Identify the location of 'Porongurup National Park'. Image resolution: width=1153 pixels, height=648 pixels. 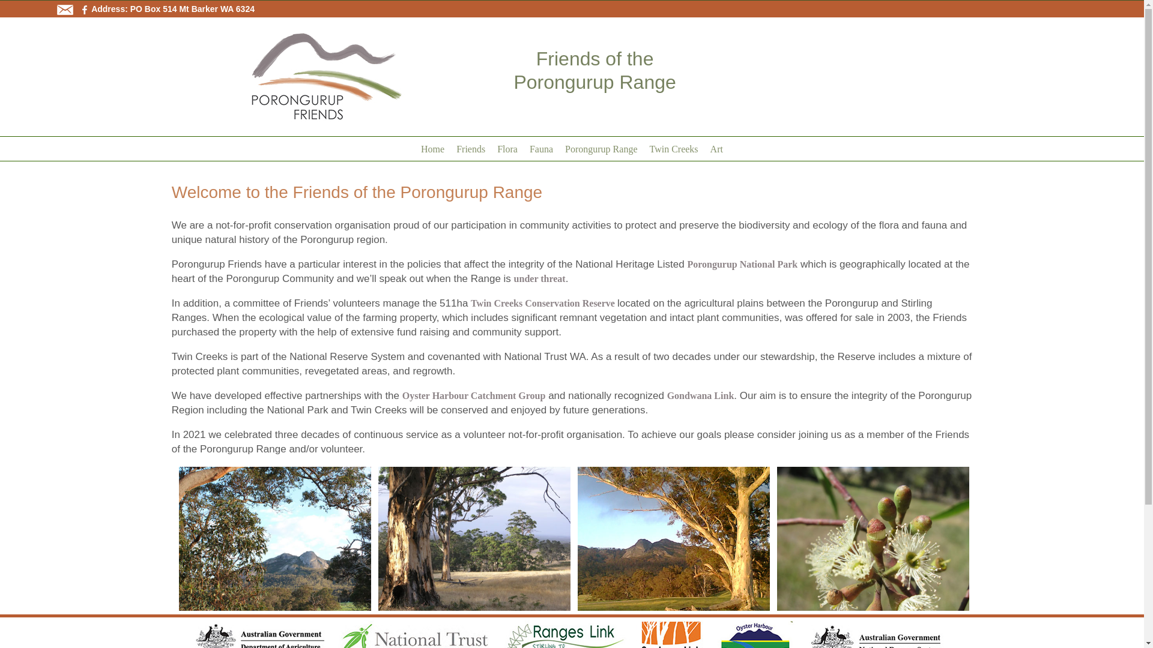
(742, 263).